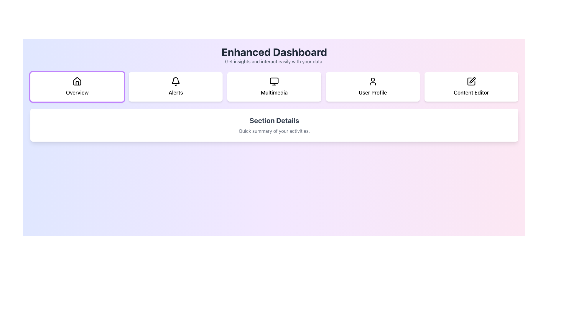  I want to click on the 'Content Editor' button, which is the fifth card in a grid of five cards, featuring a pen icon and bold text beneath it, so click(471, 87).